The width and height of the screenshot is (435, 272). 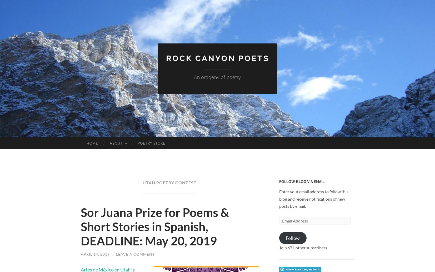 What do you see at coordinates (80, 254) in the screenshot?
I see `'April 14, 2019'` at bounding box center [80, 254].